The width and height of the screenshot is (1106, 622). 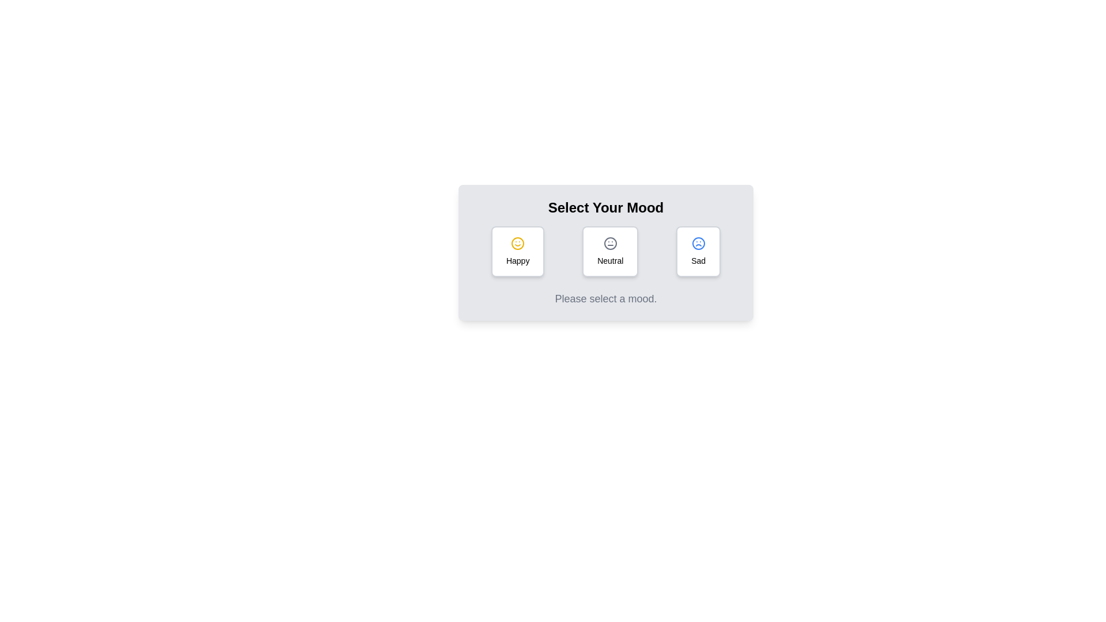 I want to click on the 'Neutral' label element, which is styled simply and located within a rectangular button beneath a neutral face icon, so click(x=609, y=260).